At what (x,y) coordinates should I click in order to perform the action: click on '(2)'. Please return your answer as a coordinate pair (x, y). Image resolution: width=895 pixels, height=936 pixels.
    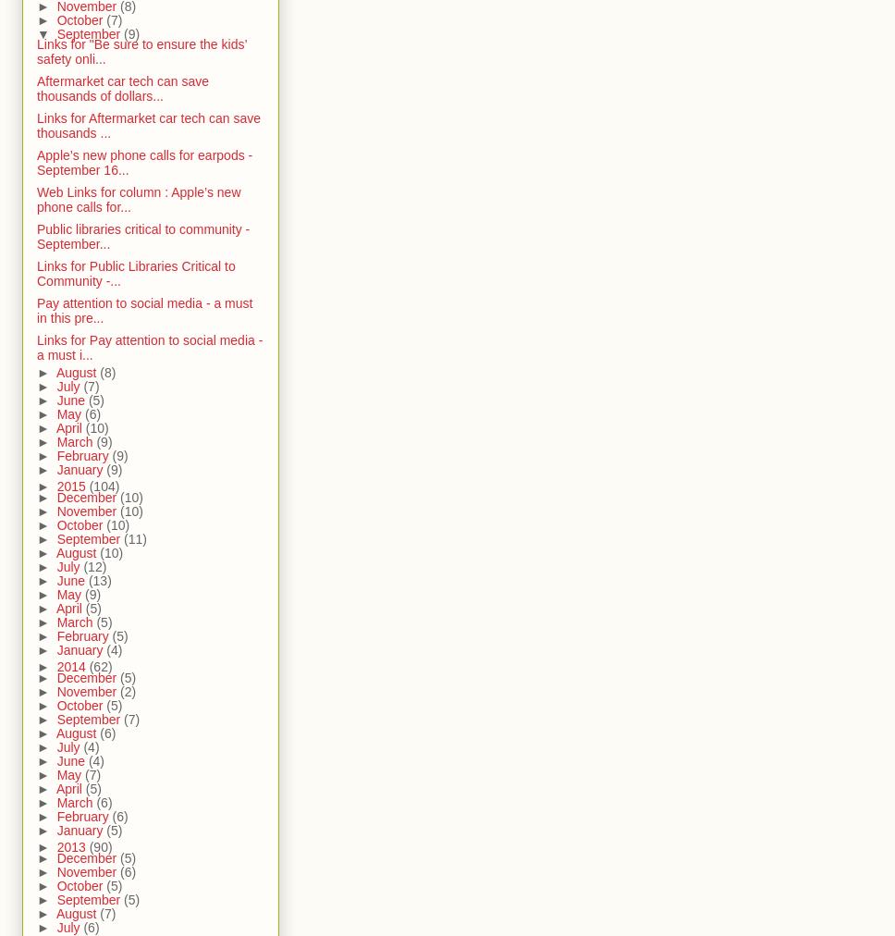
    Looking at the image, I should click on (119, 690).